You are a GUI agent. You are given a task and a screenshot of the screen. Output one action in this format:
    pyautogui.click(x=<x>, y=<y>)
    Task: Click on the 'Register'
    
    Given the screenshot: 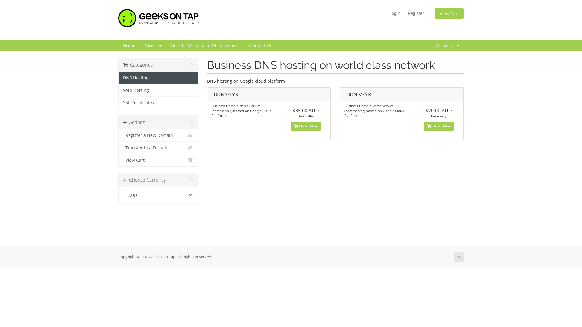 What is the action you would take?
    pyautogui.click(x=416, y=13)
    